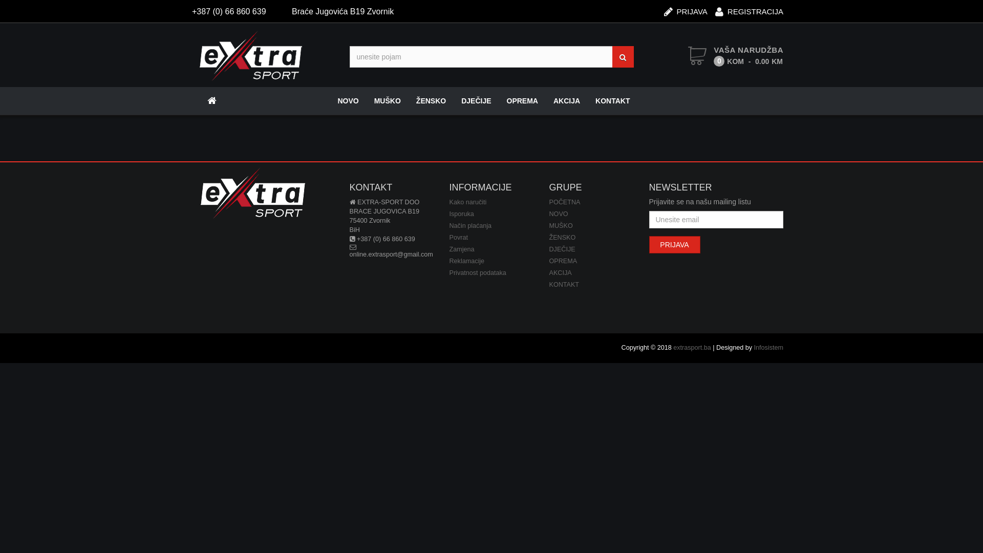 The height and width of the screenshot is (553, 983). What do you see at coordinates (714, 8) in the screenshot?
I see `'REGISTRACIJA'` at bounding box center [714, 8].